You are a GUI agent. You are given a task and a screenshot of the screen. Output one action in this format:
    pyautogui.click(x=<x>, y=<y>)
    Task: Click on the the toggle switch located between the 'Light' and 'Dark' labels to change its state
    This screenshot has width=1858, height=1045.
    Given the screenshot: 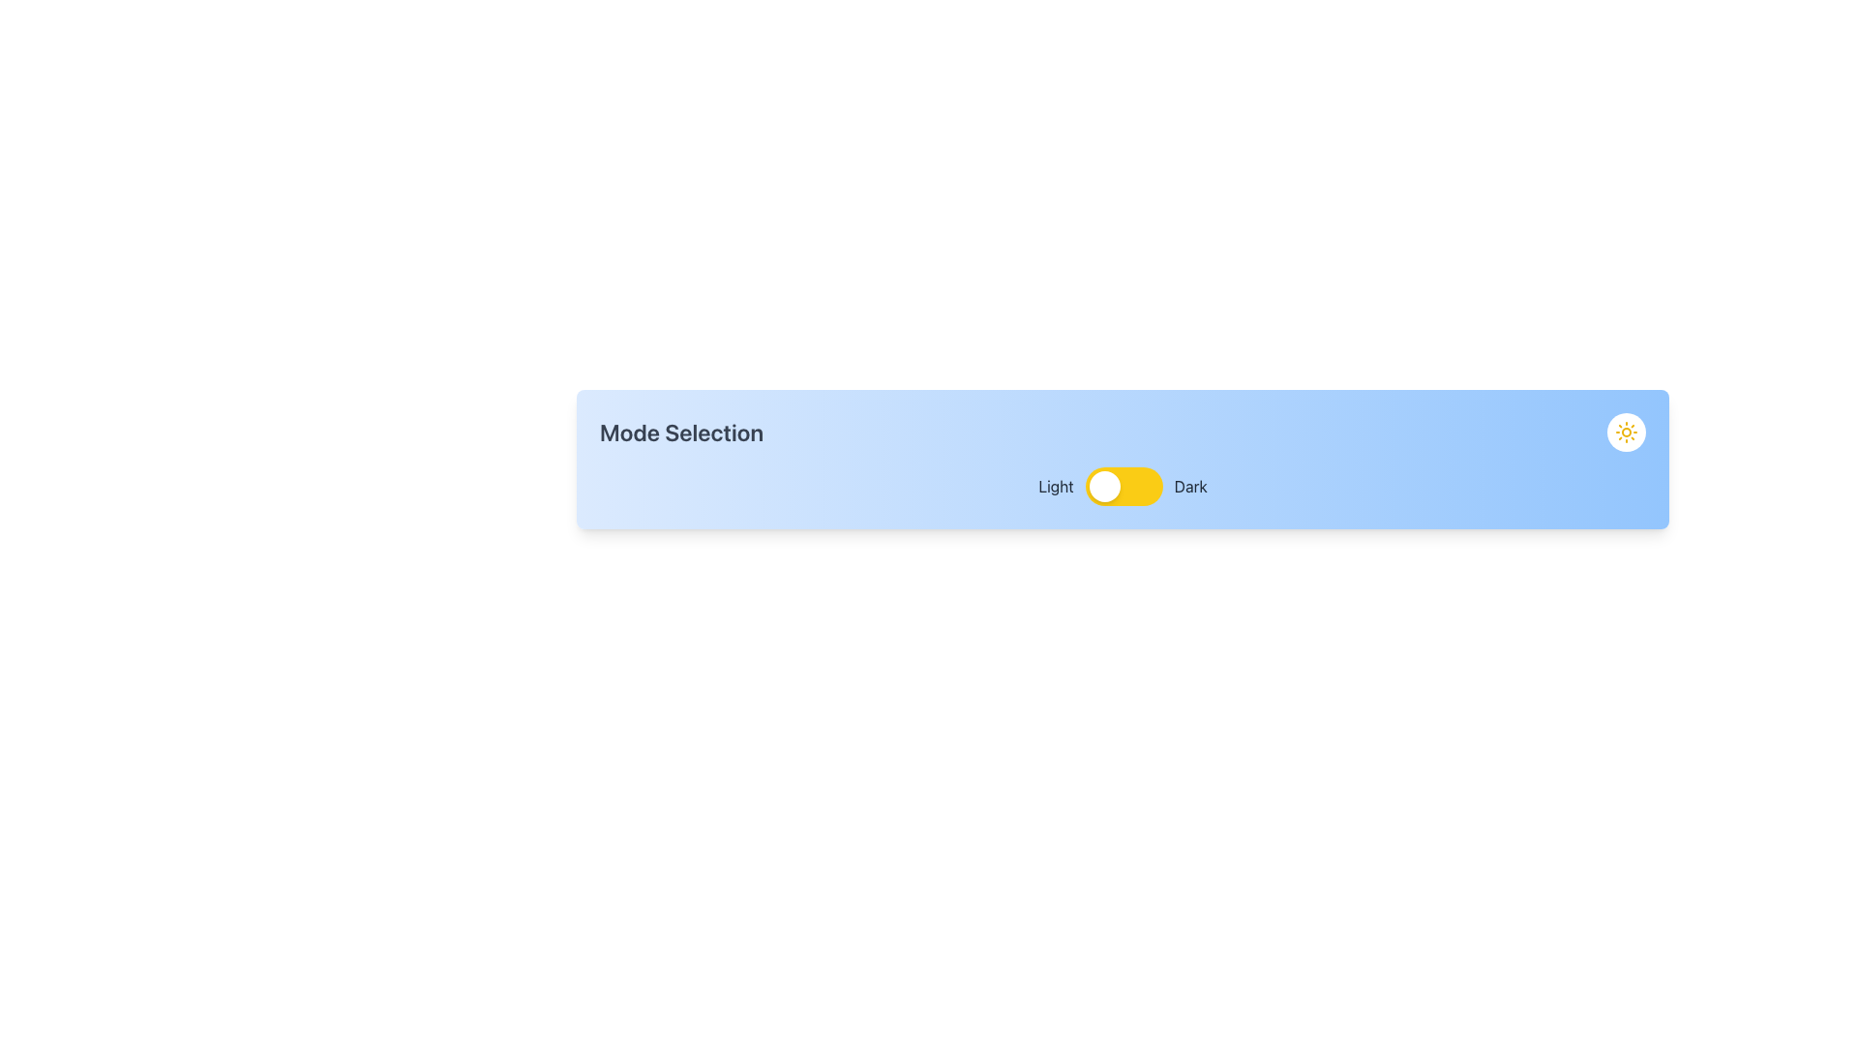 What is the action you would take?
    pyautogui.click(x=1124, y=485)
    